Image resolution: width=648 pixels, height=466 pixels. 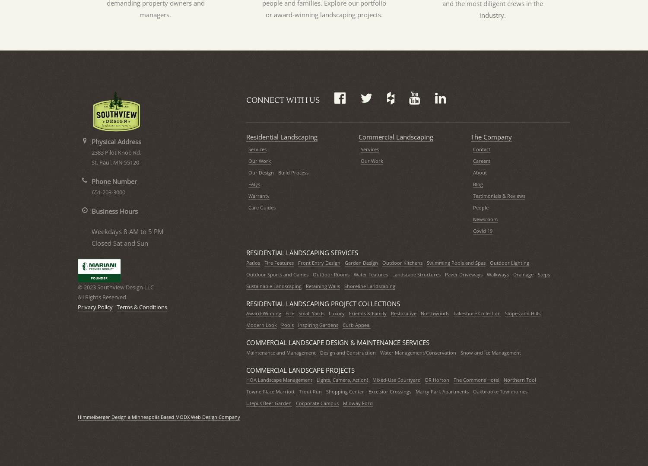 I want to click on 'Landscape Structures', so click(x=416, y=273).